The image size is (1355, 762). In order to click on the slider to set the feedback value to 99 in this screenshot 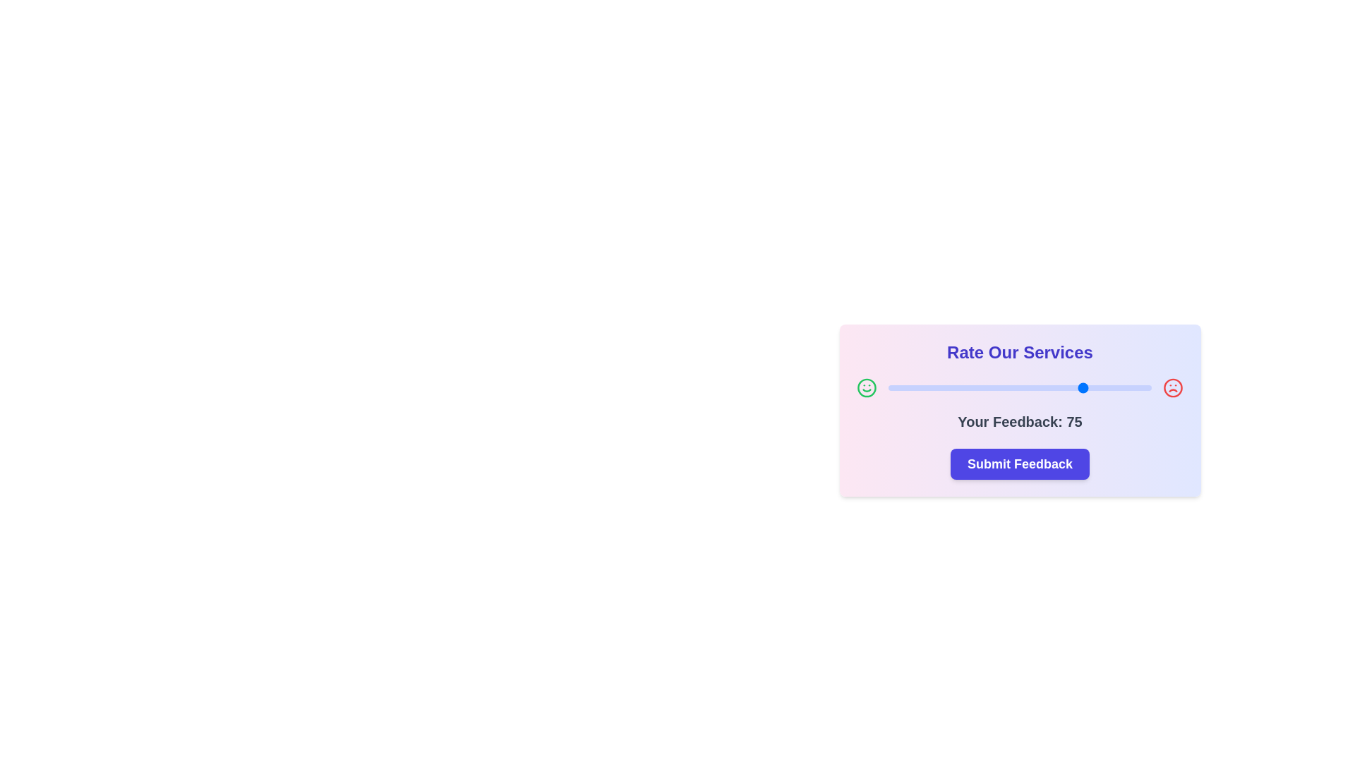, I will do `click(1149, 388)`.